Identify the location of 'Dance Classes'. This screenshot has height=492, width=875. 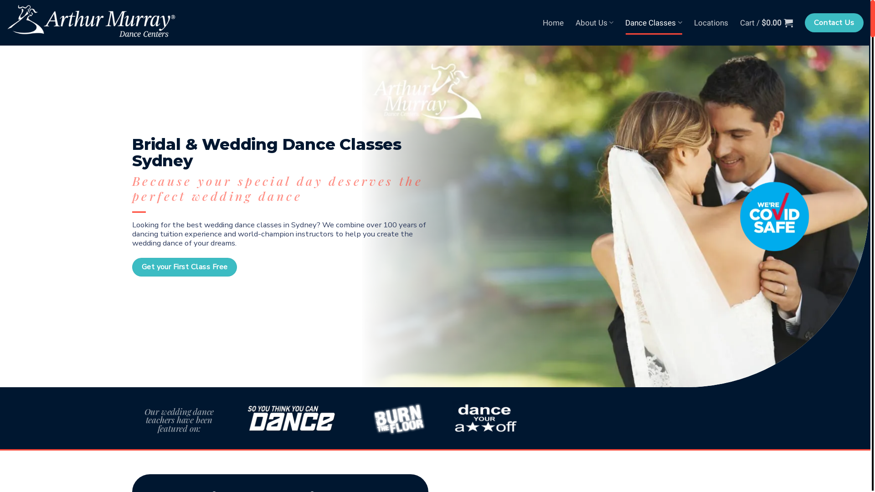
(653, 22).